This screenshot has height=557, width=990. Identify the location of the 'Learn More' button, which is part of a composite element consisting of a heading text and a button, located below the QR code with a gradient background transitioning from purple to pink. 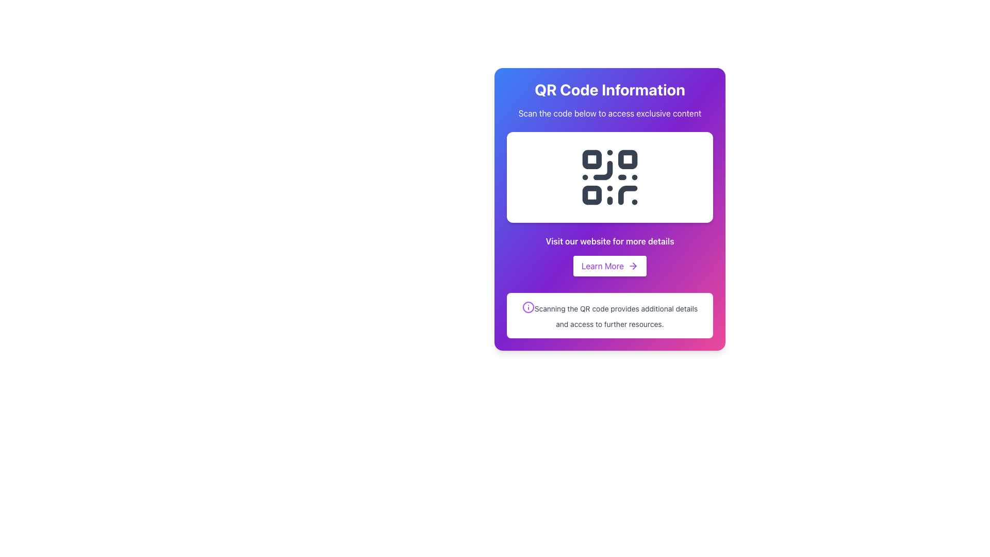
(609, 255).